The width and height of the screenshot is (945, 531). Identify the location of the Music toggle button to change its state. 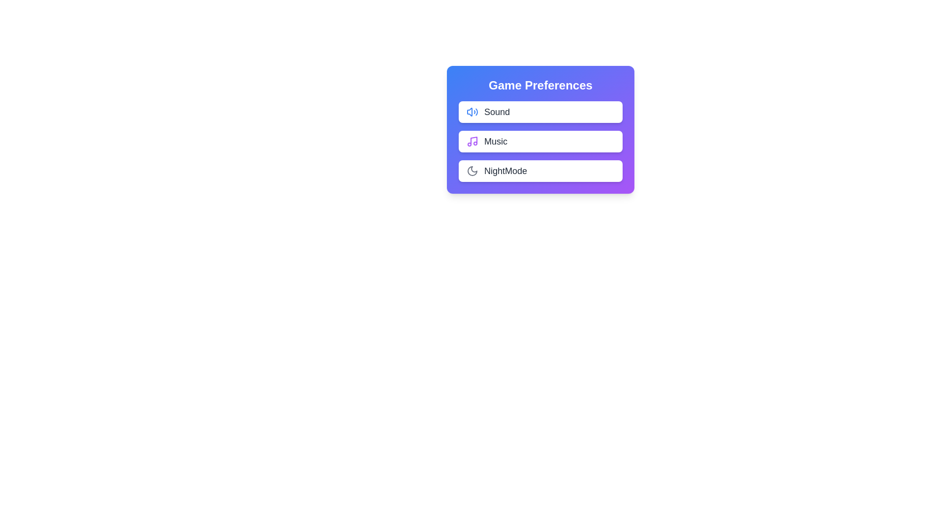
(602, 142).